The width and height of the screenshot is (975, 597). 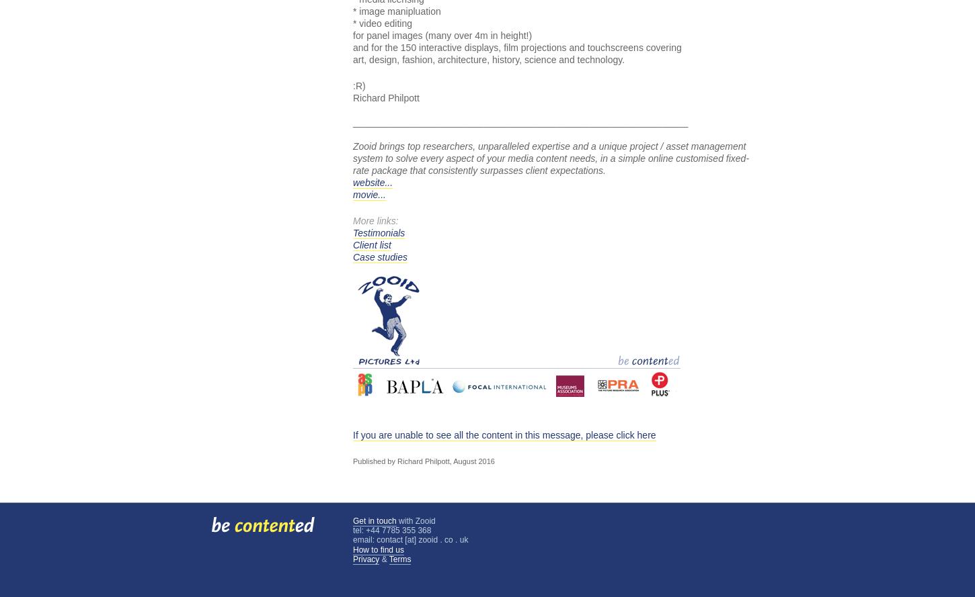 I want to click on 'Zooid brings top researchers, unparalleled expertise and a unique project / asset management system to solve every aspect of your media content needs, in a simple online customised fixed-rate package that consistently surpasses client expectations.', so click(x=551, y=158).